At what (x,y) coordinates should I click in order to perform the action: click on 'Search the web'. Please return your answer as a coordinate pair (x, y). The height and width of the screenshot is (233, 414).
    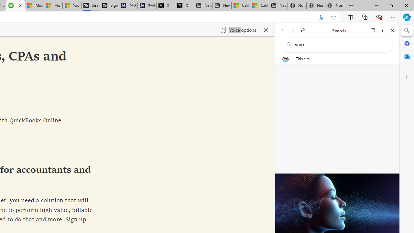
    Looking at the image, I should click on (340, 44).